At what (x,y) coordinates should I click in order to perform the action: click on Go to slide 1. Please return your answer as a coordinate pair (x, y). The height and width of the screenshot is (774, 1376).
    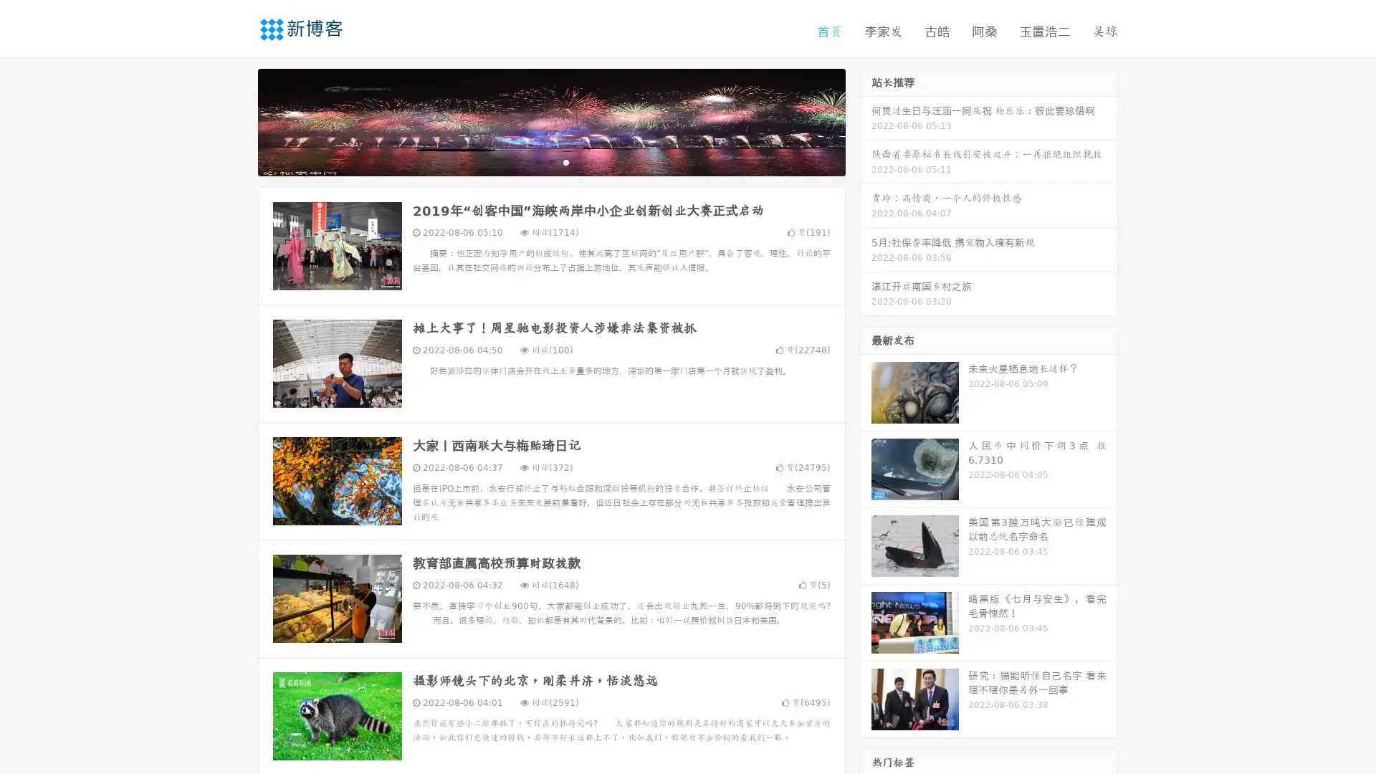
    Looking at the image, I should click on (536, 161).